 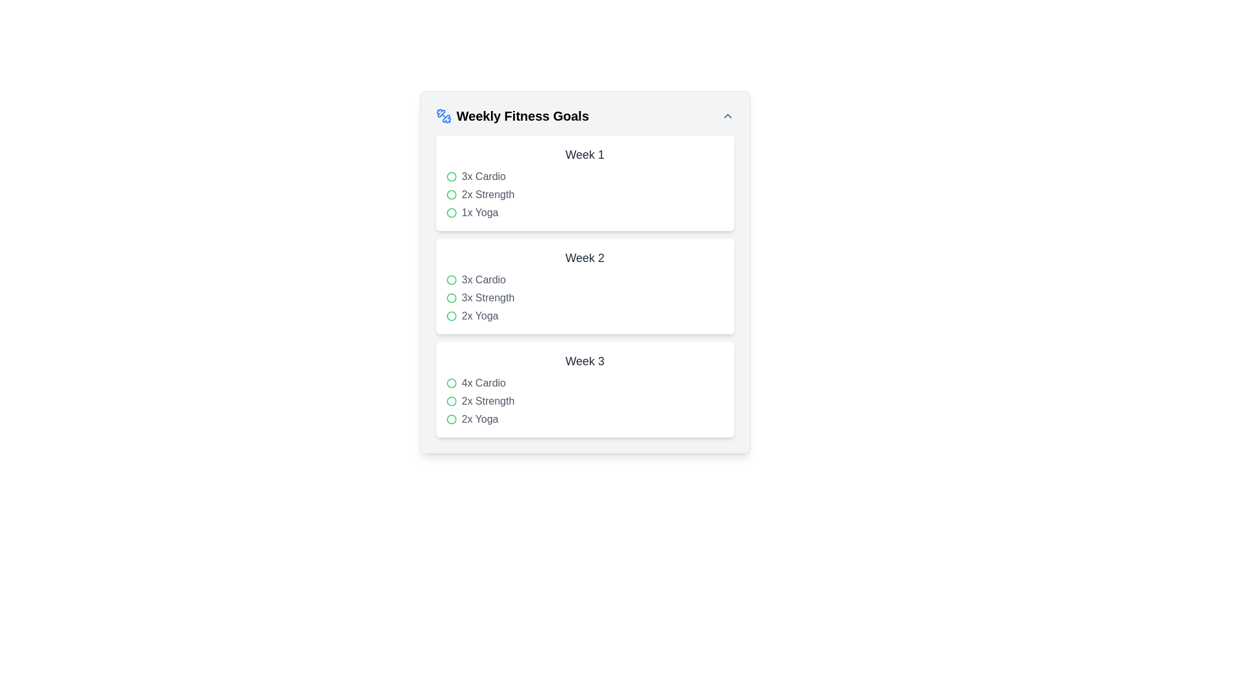 What do you see at coordinates (451, 176) in the screenshot?
I see `the first green circular marker in the 'Weekly Fitness Goals' layout under 'Week 1', positioned to the left of the text '3x Cardio'` at bounding box center [451, 176].